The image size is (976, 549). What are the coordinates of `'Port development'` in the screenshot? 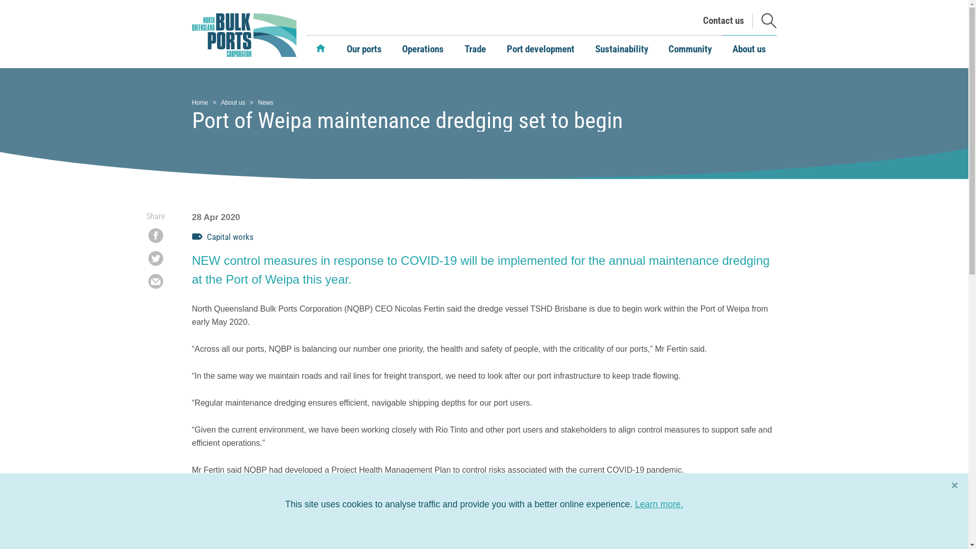 It's located at (539, 49).